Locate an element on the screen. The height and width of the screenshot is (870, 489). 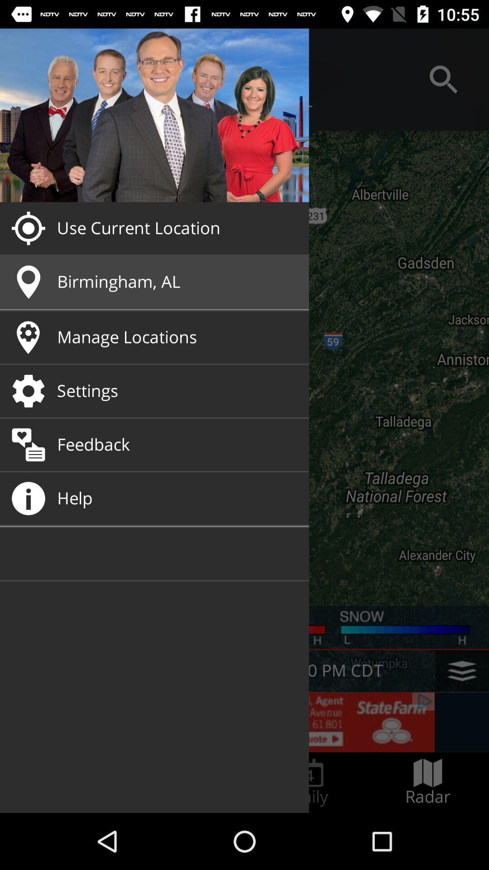
the layers icon is located at coordinates (462, 671).